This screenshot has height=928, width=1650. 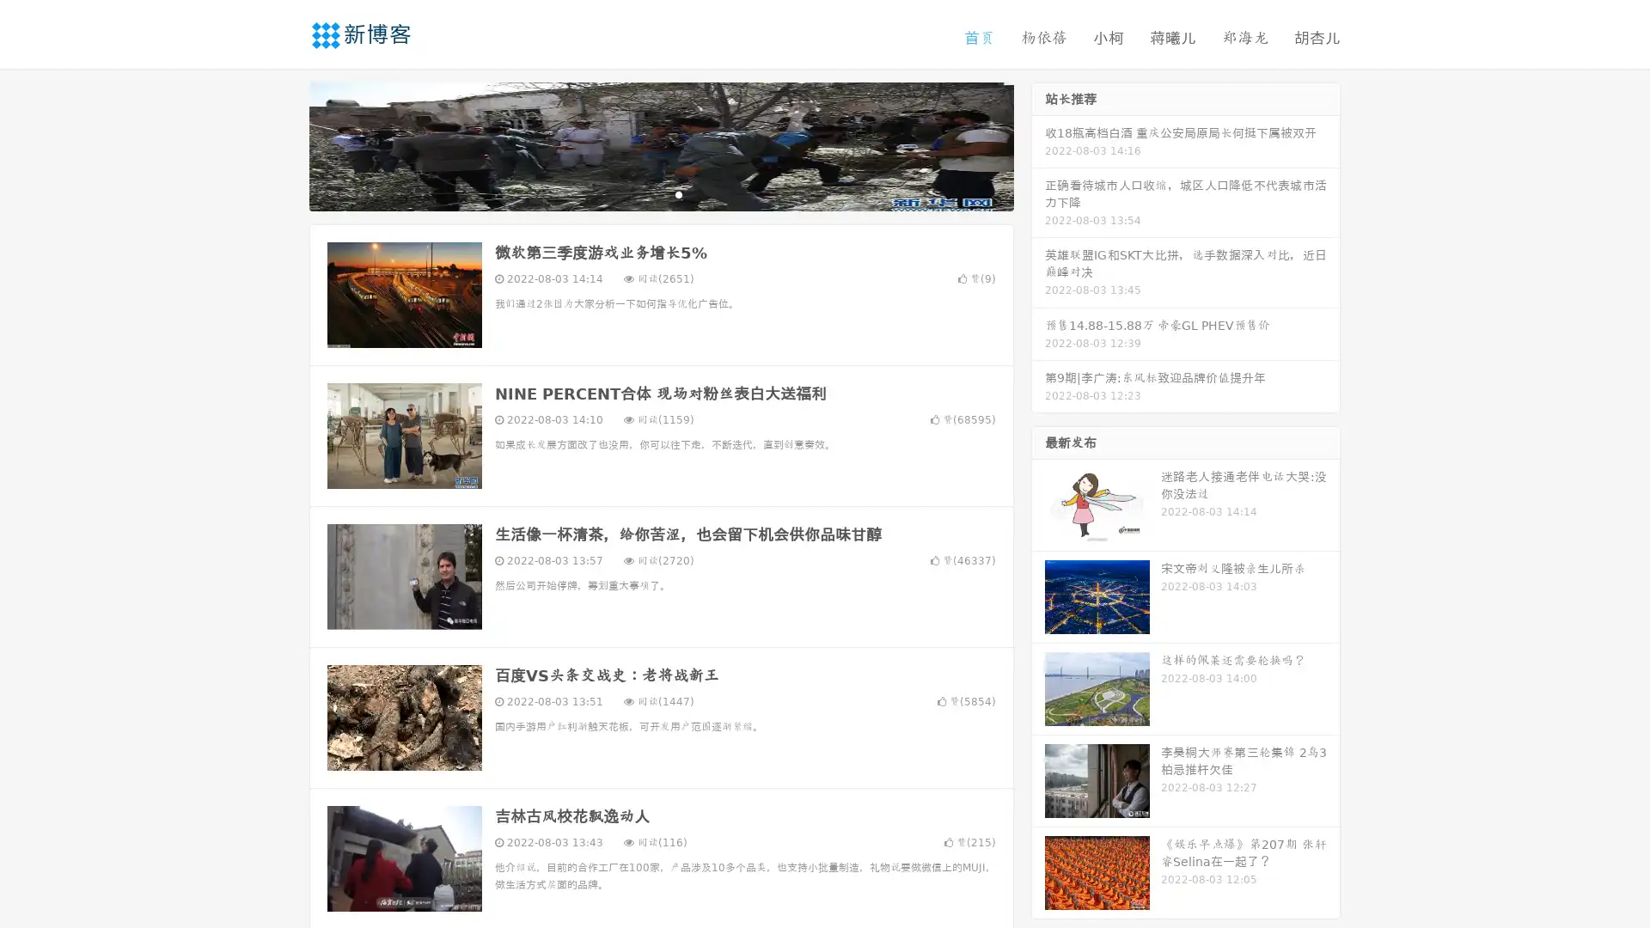 What do you see at coordinates (660, 193) in the screenshot?
I see `Go to slide 2` at bounding box center [660, 193].